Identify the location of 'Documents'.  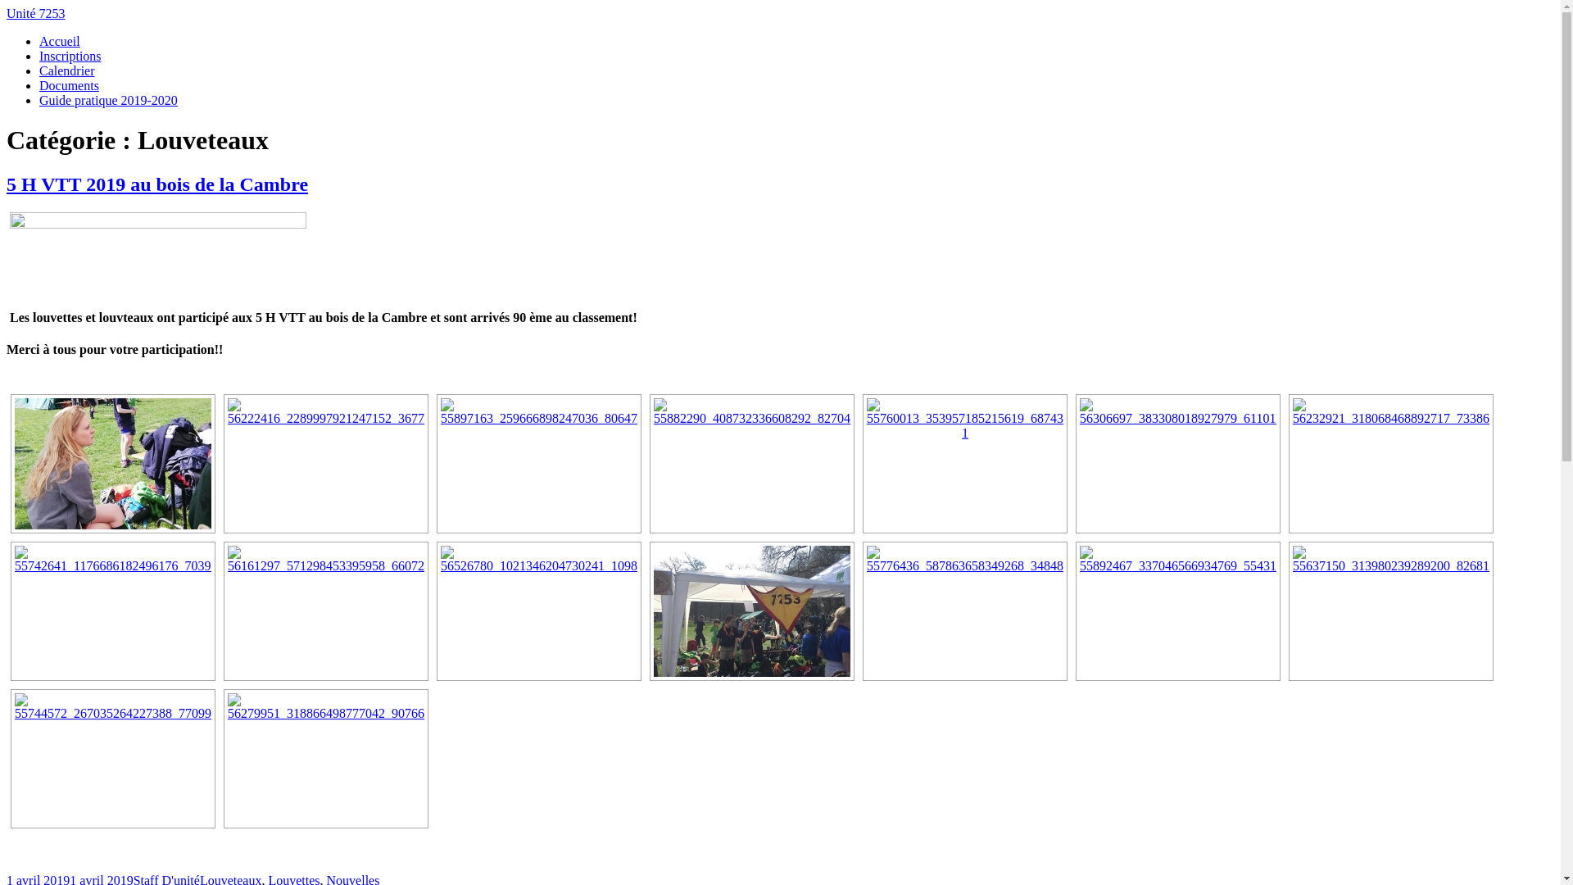
(68, 85).